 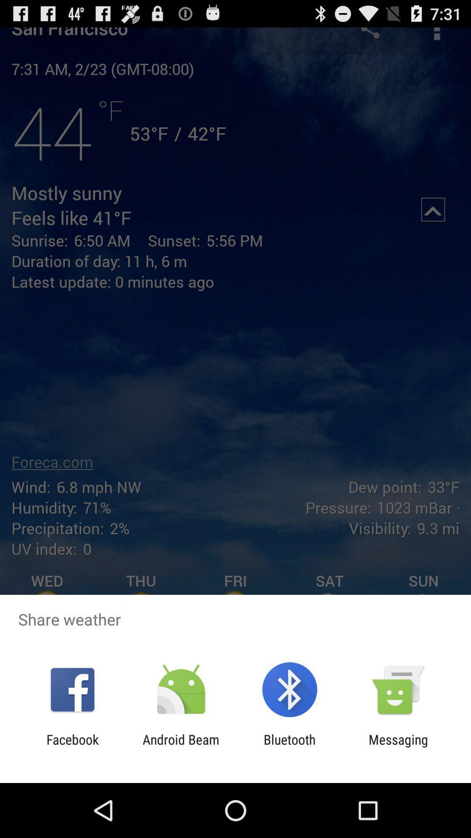 What do you see at coordinates (290, 747) in the screenshot?
I see `item next to the messaging` at bounding box center [290, 747].